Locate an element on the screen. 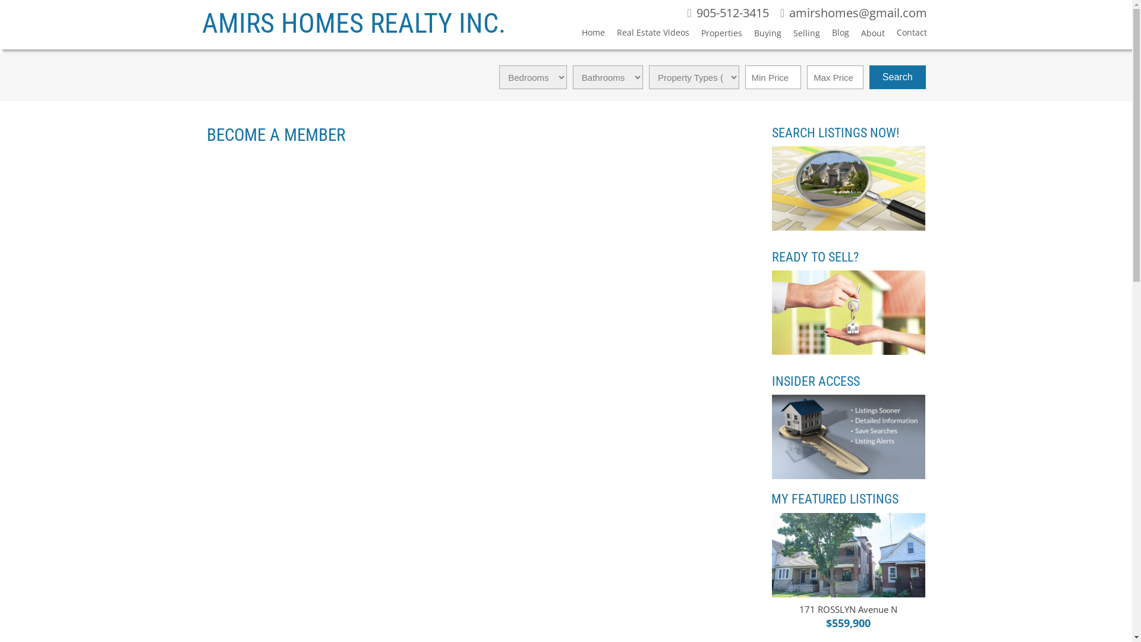 Image resolution: width=1141 pixels, height=642 pixels. 'Real Estate Videos' is located at coordinates (647, 34).